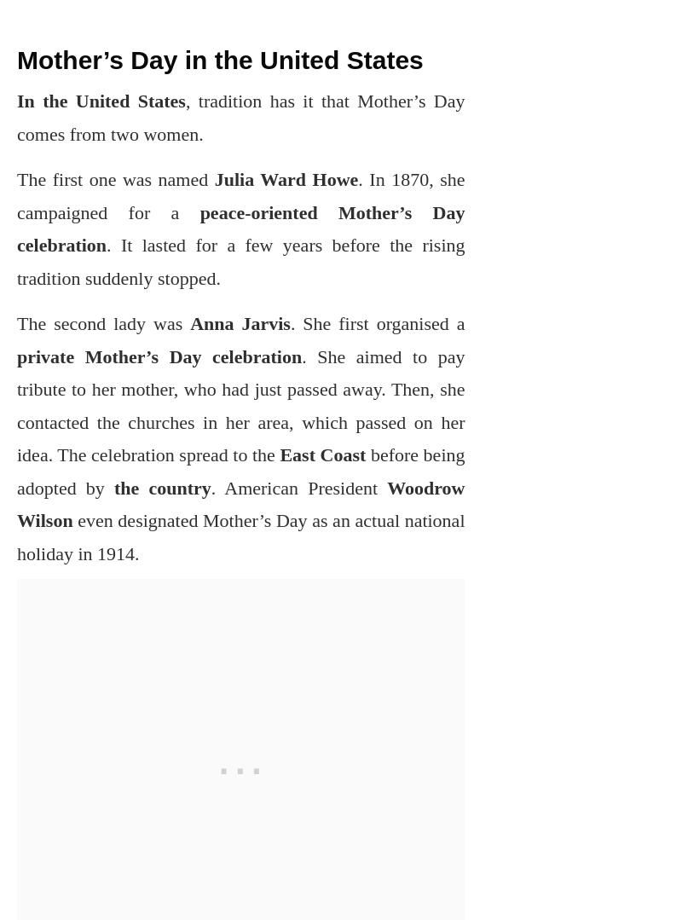 The image size is (682, 920). What do you see at coordinates (240, 116) in the screenshot?
I see `', tradition has it that Mother’s Day comes from two women.'` at bounding box center [240, 116].